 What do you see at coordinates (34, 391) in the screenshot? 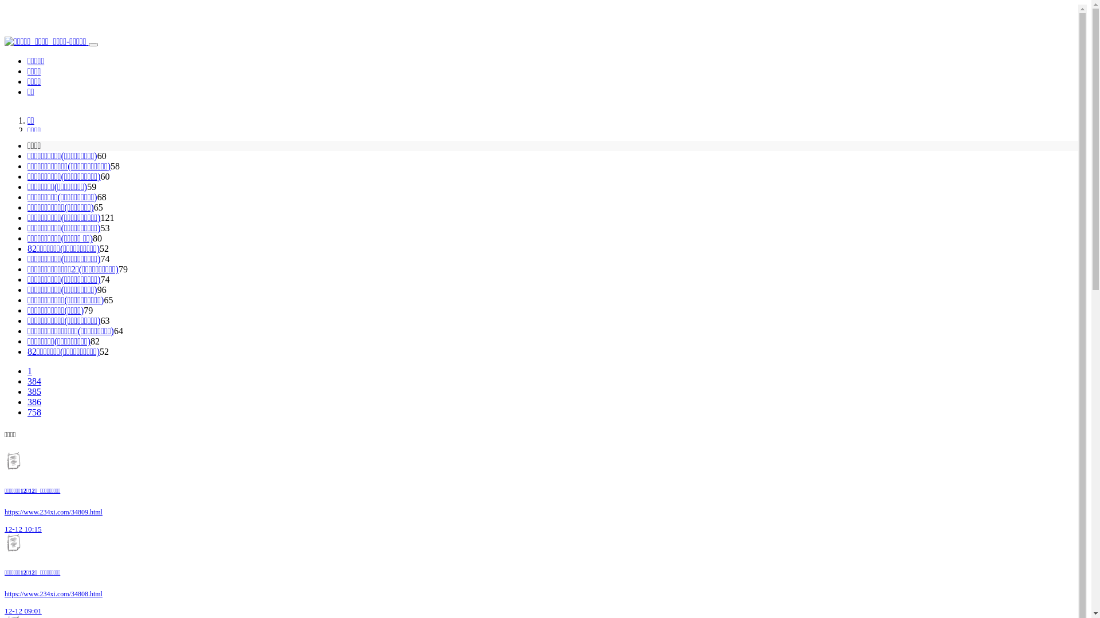
I see `'385'` at bounding box center [34, 391].